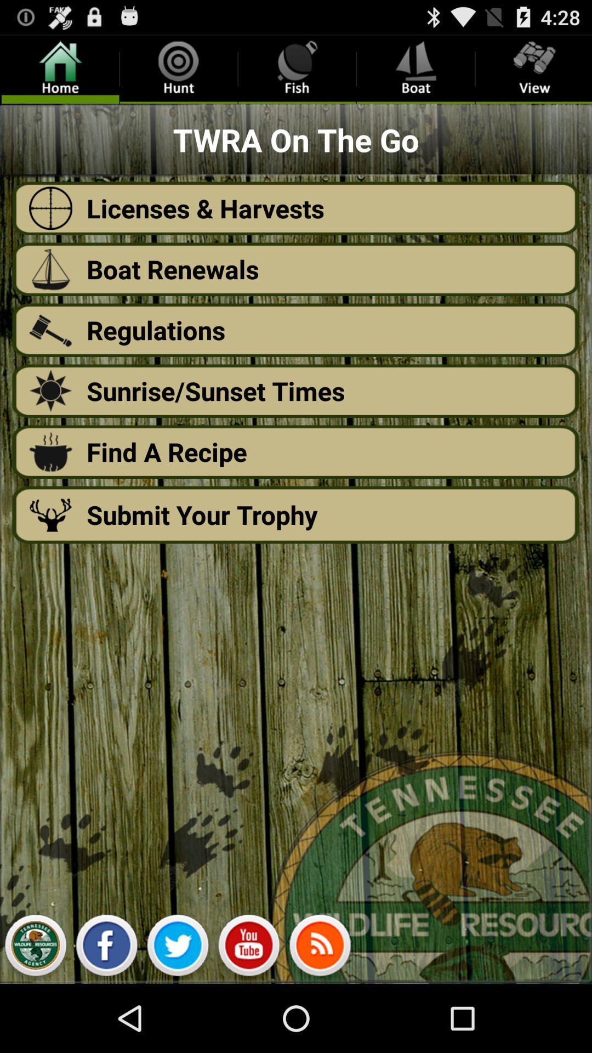 This screenshot has height=1053, width=592. Describe the element at coordinates (249, 948) in the screenshot. I see `the app below the submit your trophy icon` at that location.